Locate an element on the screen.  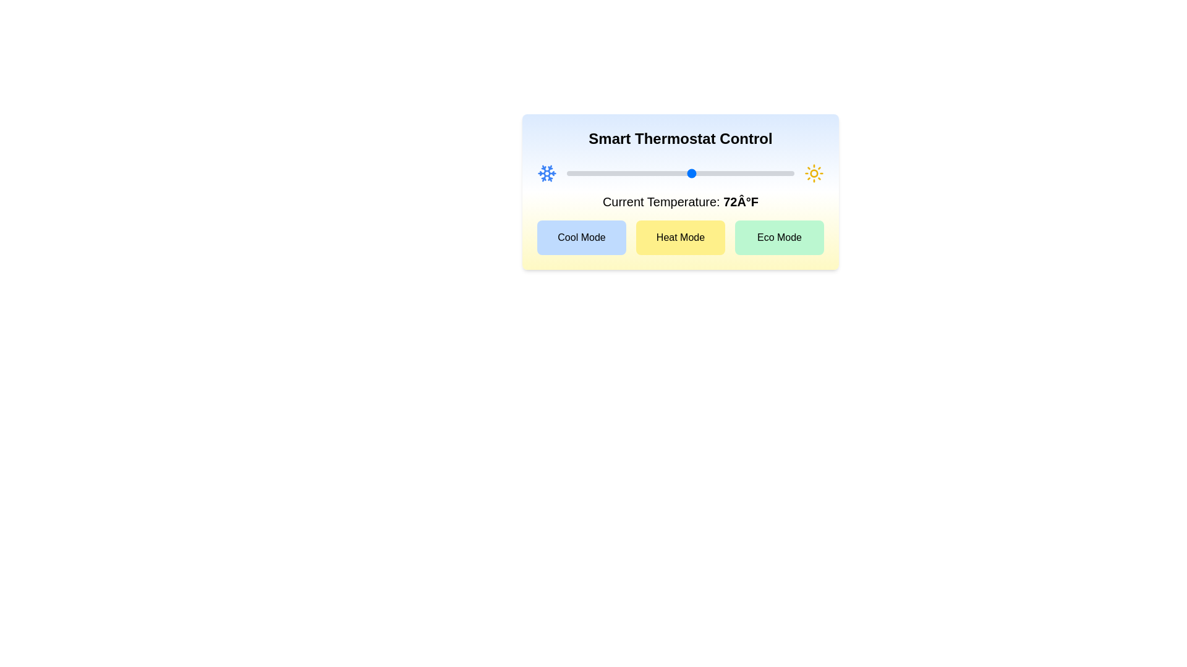
the temperature slider to set the temperature to 89°F is located at coordinates (788, 174).